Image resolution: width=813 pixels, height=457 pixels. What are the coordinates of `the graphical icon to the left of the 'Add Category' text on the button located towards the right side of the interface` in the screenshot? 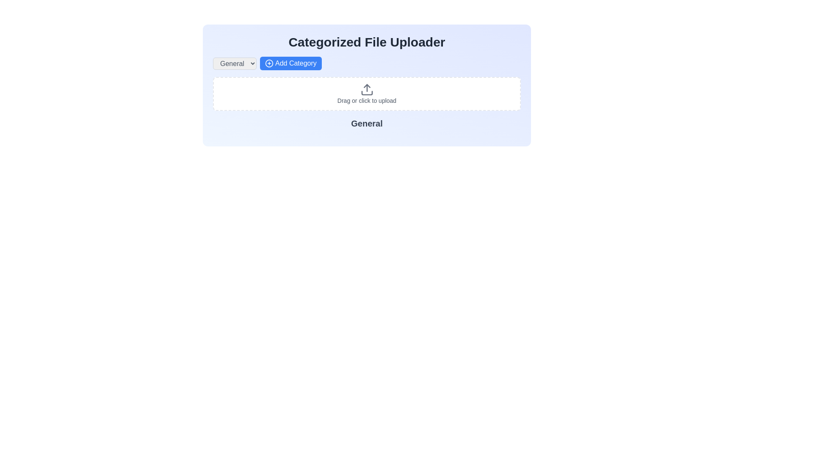 It's located at (268, 63).